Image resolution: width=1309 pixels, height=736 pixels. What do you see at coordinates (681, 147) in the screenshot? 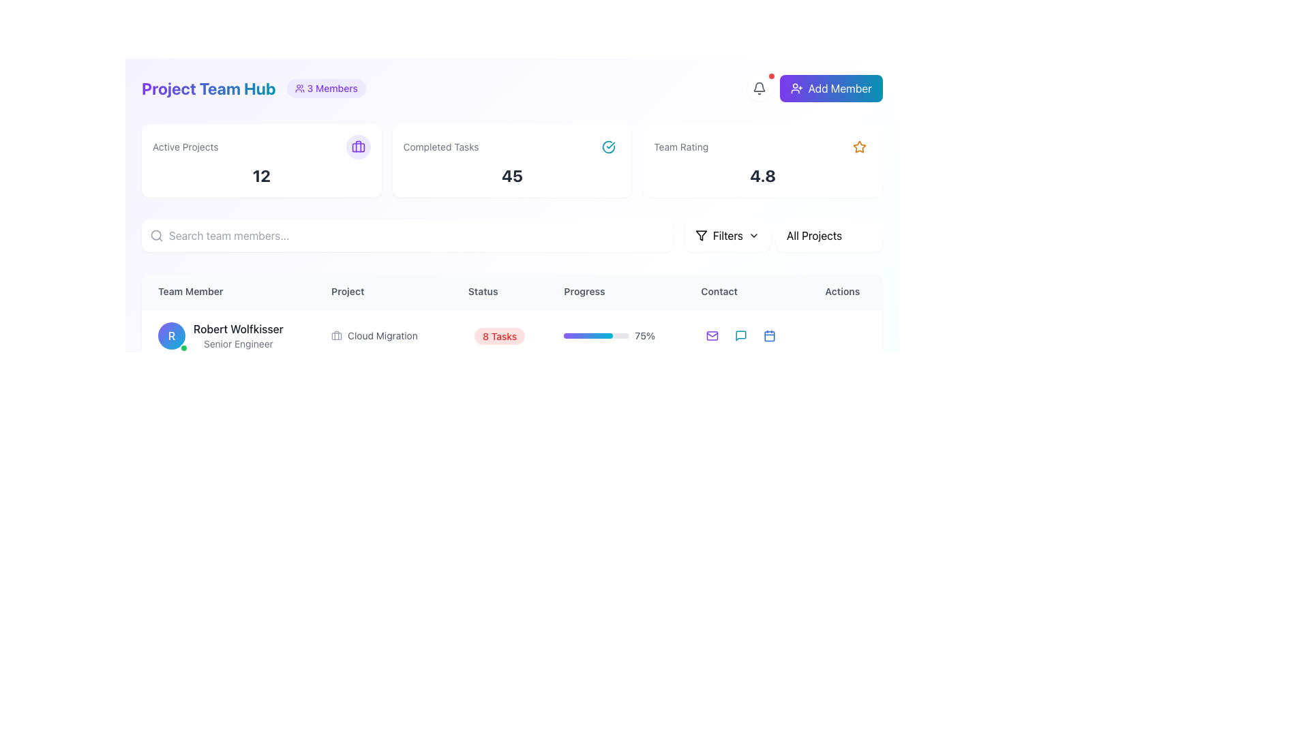
I see `the text label that describes the adjacent numerical value representing a team rating or score, located at the top-right part of the layout` at bounding box center [681, 147].